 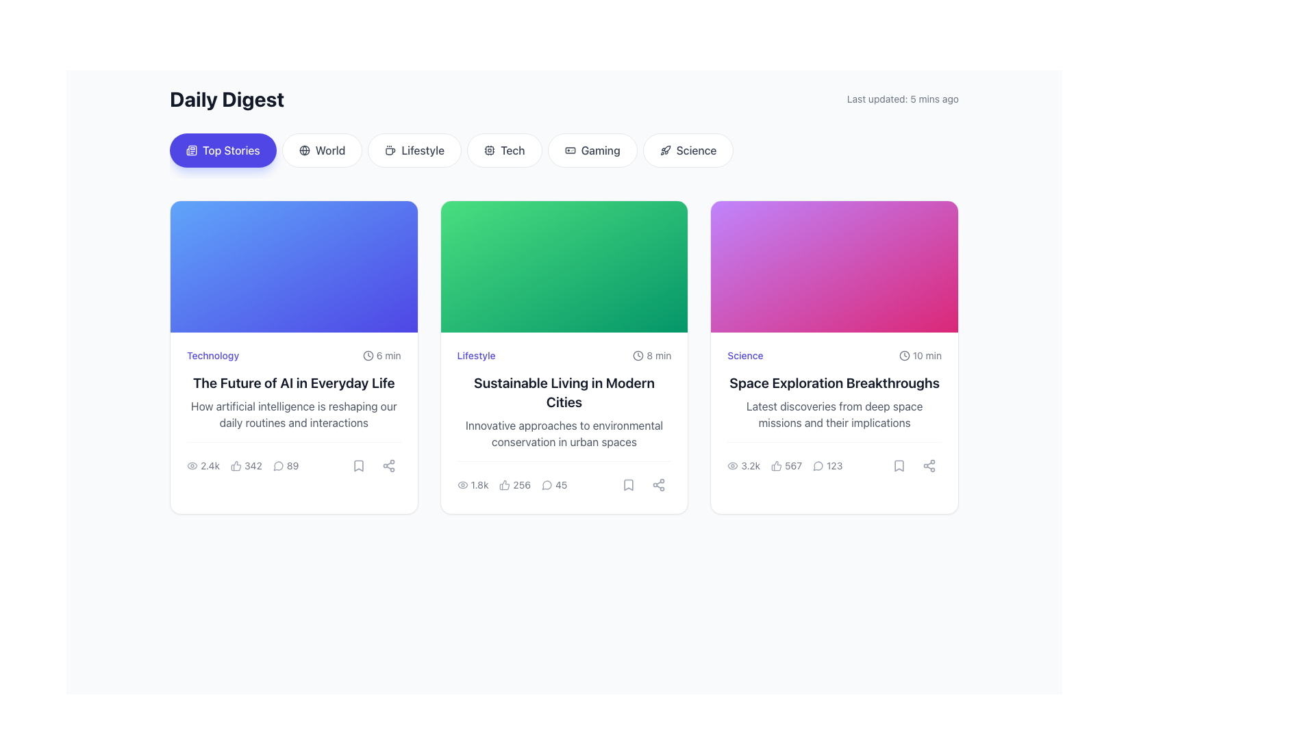 I want to click on the 'Technology' card UI element that displays the title 'The Future of AI in Everyday Life', so click(x=293, y=413).